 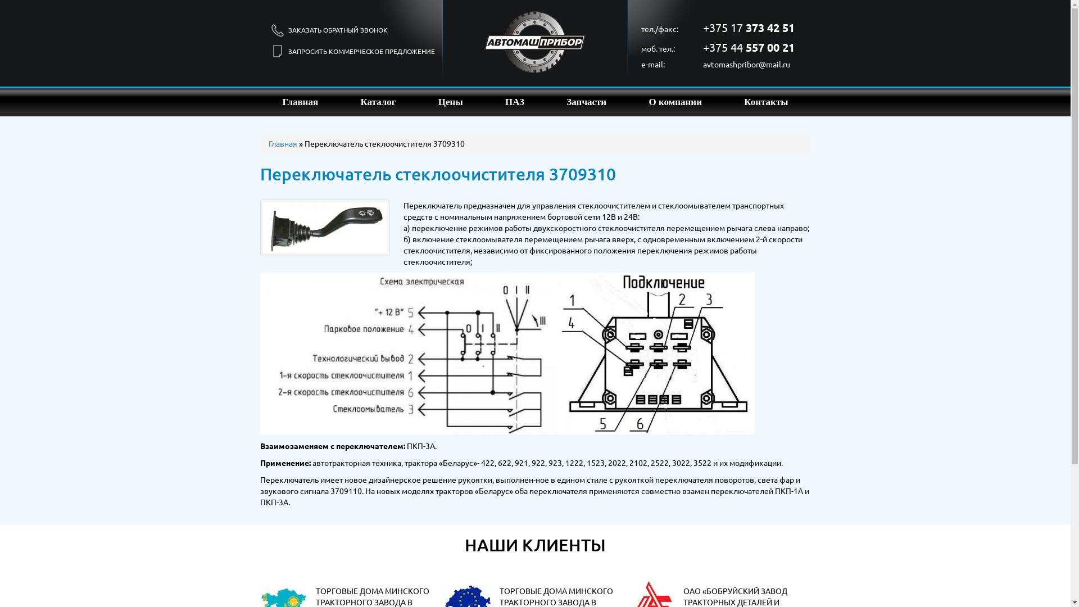 I want to click on 'avtomashpribor@mail.ru', so click(x=702, y=64).